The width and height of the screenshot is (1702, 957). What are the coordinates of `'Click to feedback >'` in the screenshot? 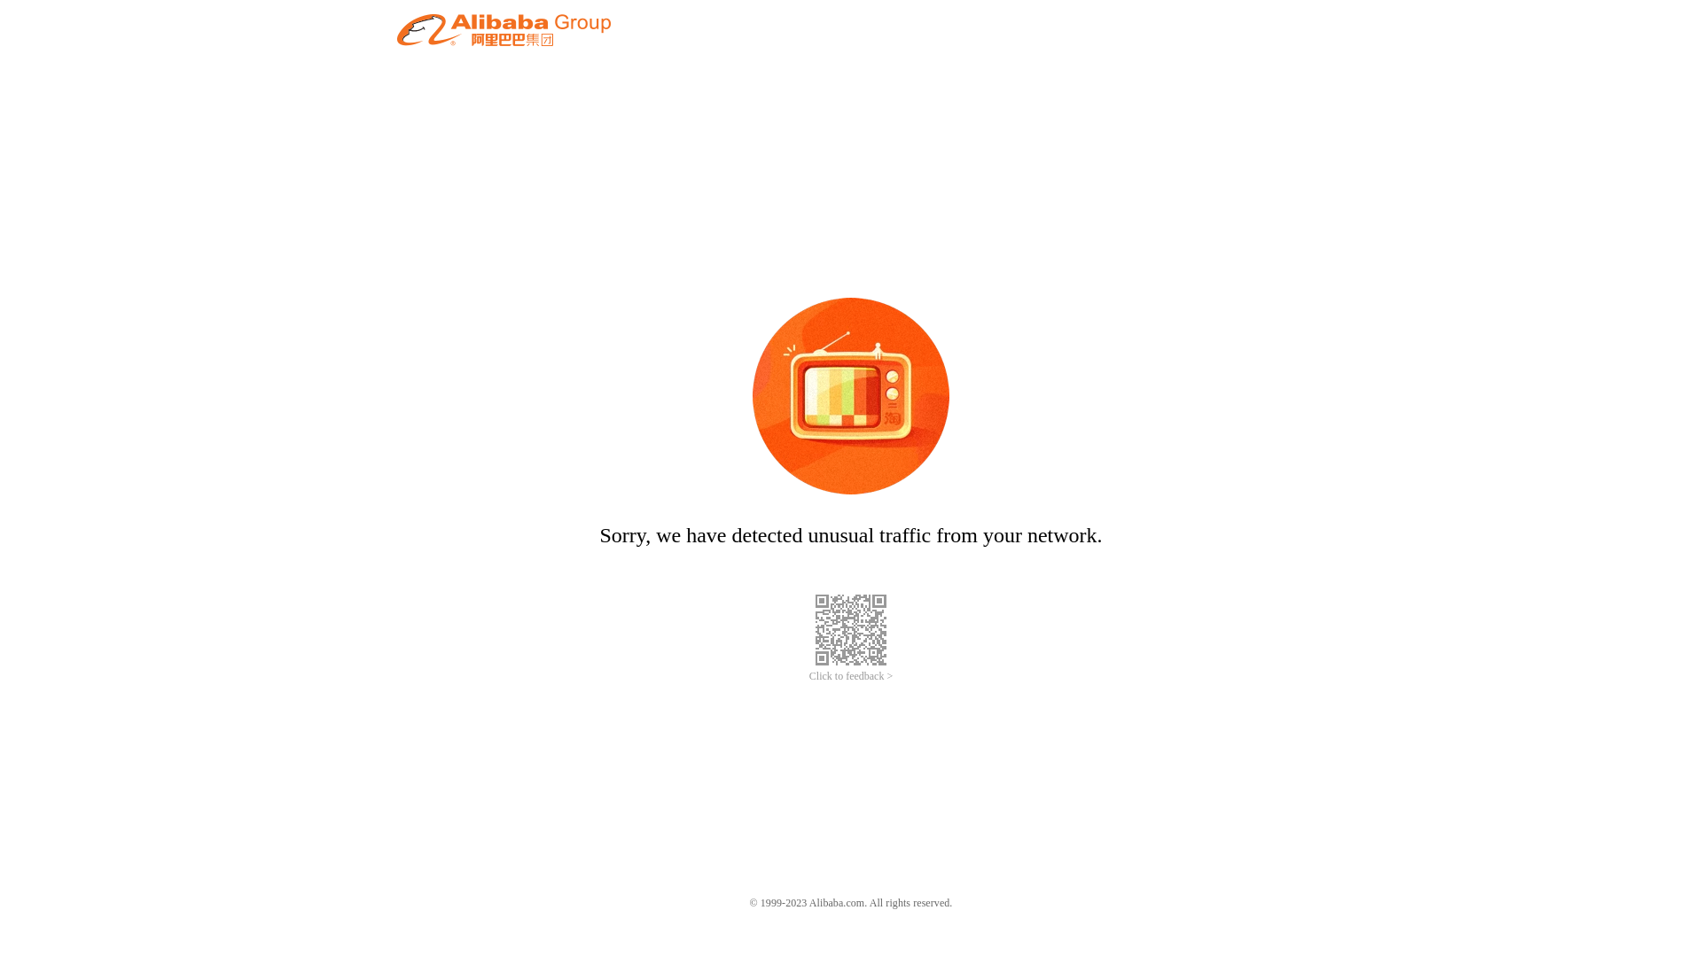 It's located at (851, 676).